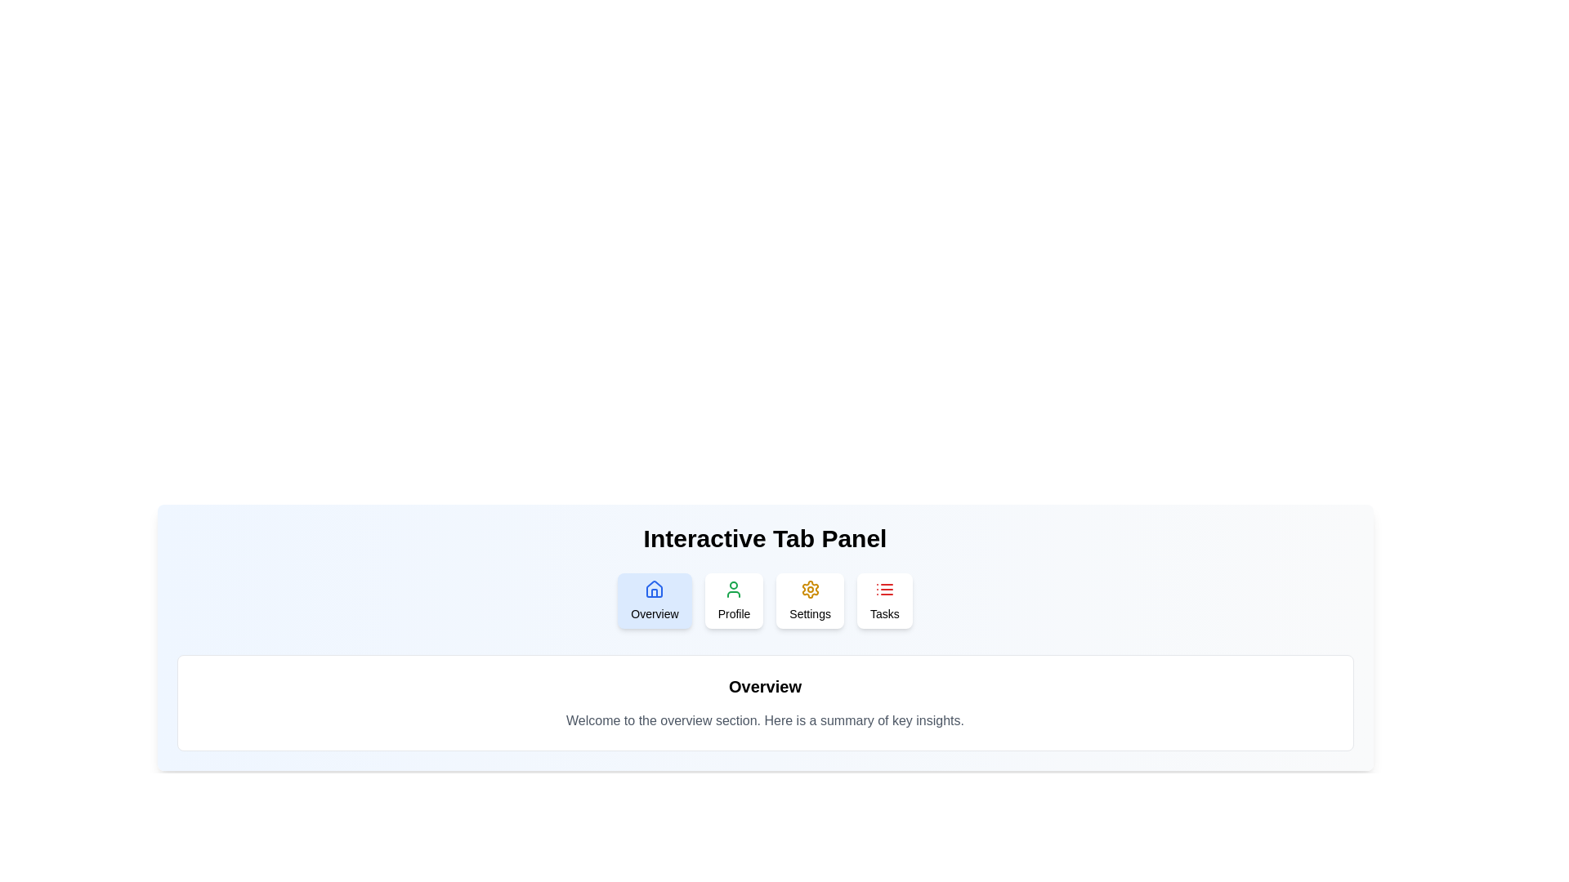 The image size is (1569, 882). Describe the element at coordinates (809, 601) in the screenshot. I see `the Settings tab to observe the transition and content change` at that location.